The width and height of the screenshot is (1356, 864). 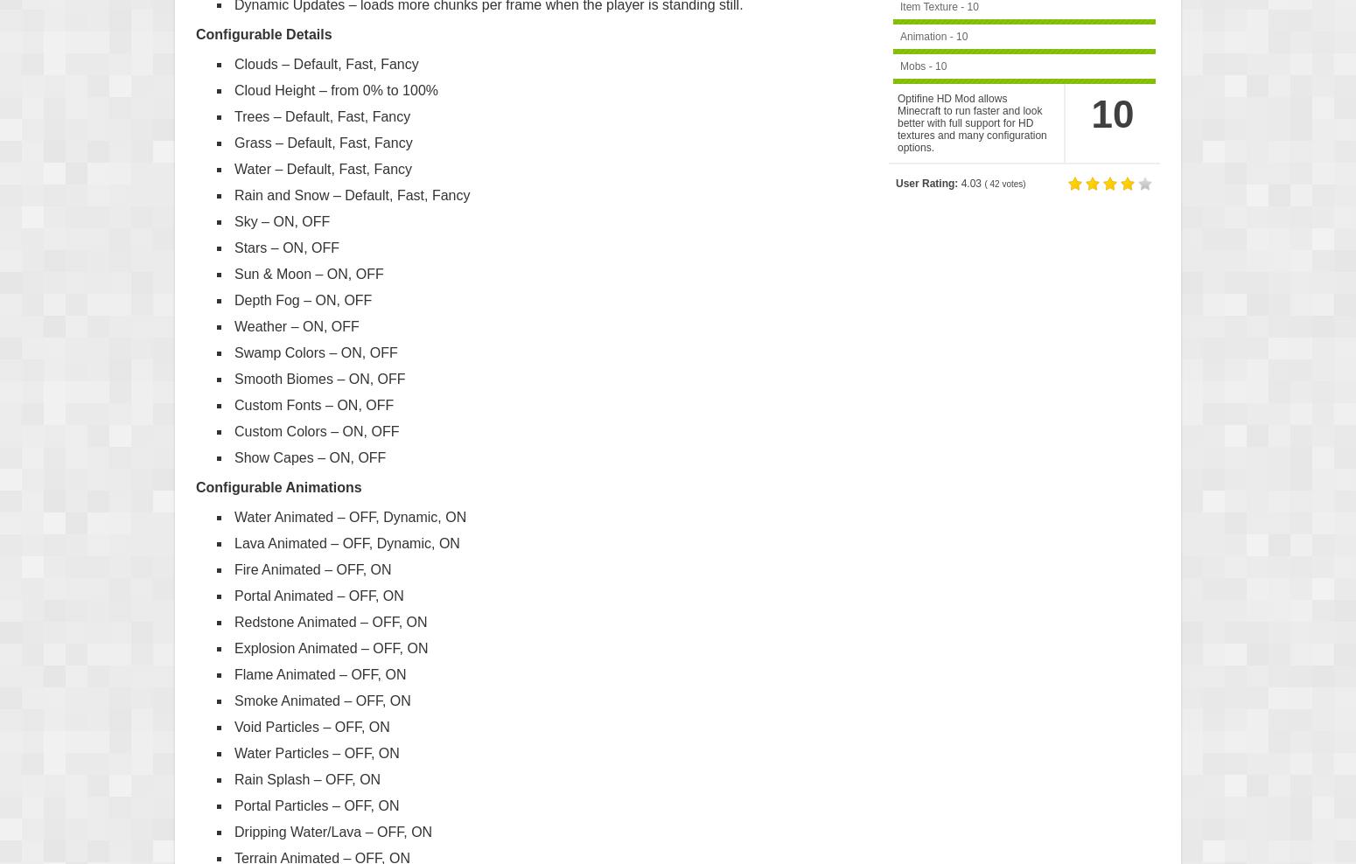 I want to click on 'Void Particles – OFF, ON', so click(x=311, y=726).